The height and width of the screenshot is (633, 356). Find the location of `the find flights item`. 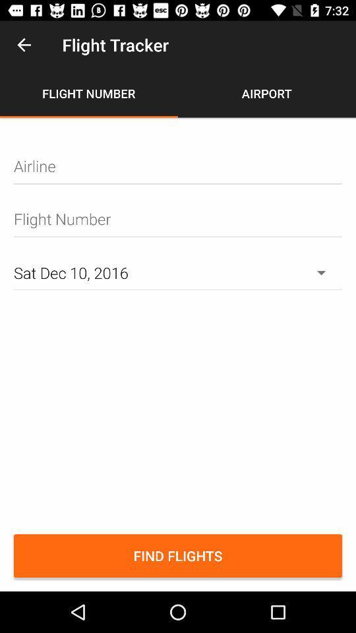

the find flights item is located at coordinates (178, 555).